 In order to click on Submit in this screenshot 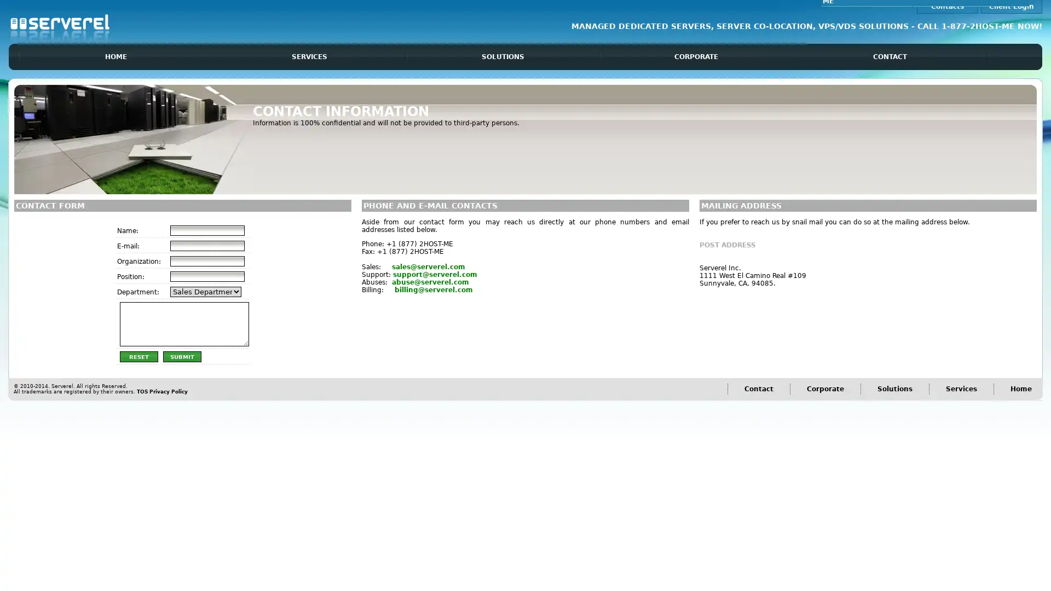, I will do `click(181, 356)`.